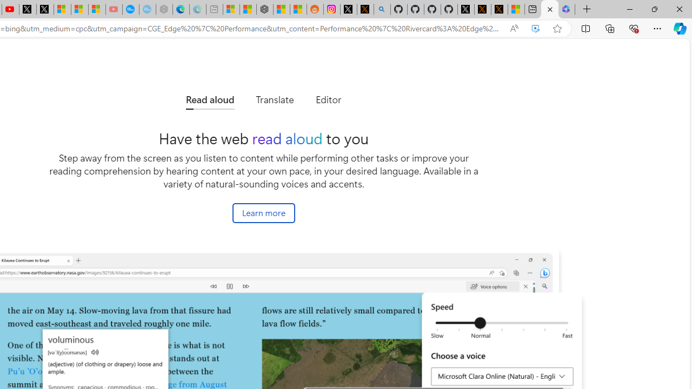 Image resolution: width=692 pixels, height=389 pixels. I want to click on 'Log in to X / X', so click(349, 9).